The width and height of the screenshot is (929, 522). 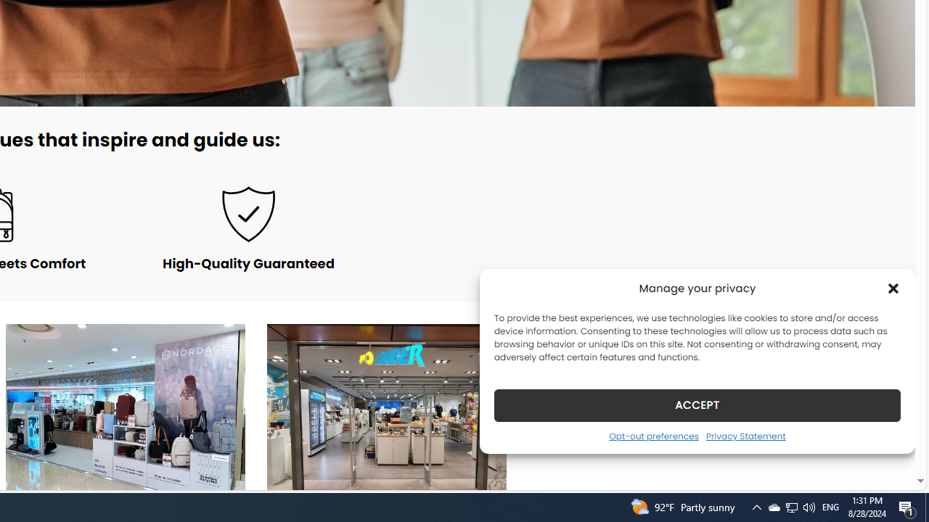 I want to click on 'ACCEPT', so click(x=697, y=405).